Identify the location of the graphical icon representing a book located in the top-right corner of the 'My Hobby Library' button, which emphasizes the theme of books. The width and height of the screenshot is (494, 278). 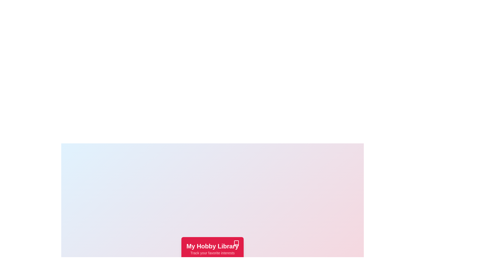
(236, 243).